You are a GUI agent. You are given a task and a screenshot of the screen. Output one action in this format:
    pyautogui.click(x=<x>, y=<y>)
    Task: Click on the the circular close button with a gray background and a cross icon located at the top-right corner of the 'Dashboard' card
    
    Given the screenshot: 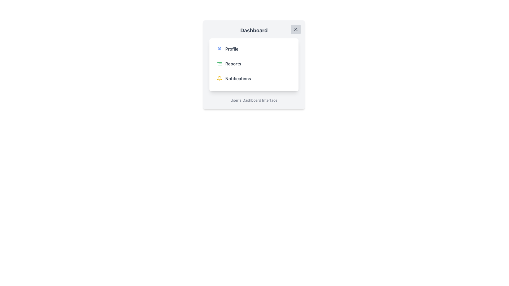 What is the action you would take?
    pyautogui.click(x=296, y=29)
    